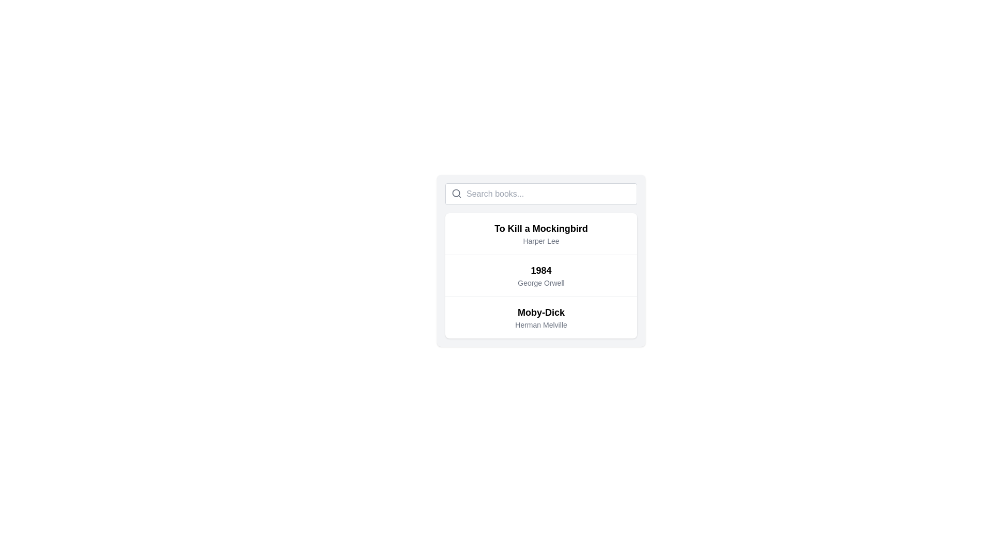 The height and width of the screenshot is (559, 993). What do you see at coordinates (540, 228) in the screenshot?
I see `the bold text element that says 'To Kill a Mockingbird', which is prominently displayed above the smaller text 'Harper Lee'` at bounding box center [540, 228].